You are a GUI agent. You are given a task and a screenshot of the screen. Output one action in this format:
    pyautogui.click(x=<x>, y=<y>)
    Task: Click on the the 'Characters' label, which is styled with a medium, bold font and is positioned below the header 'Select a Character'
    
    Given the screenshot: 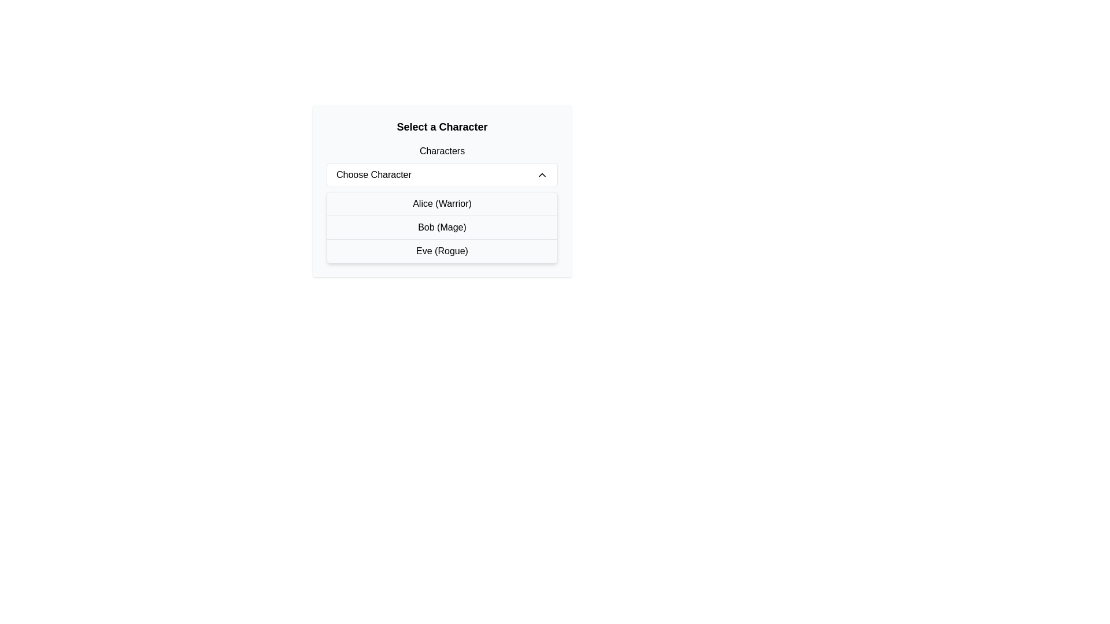 What is the action you would take?
    pyautogui.click(x=441, y=151)
    